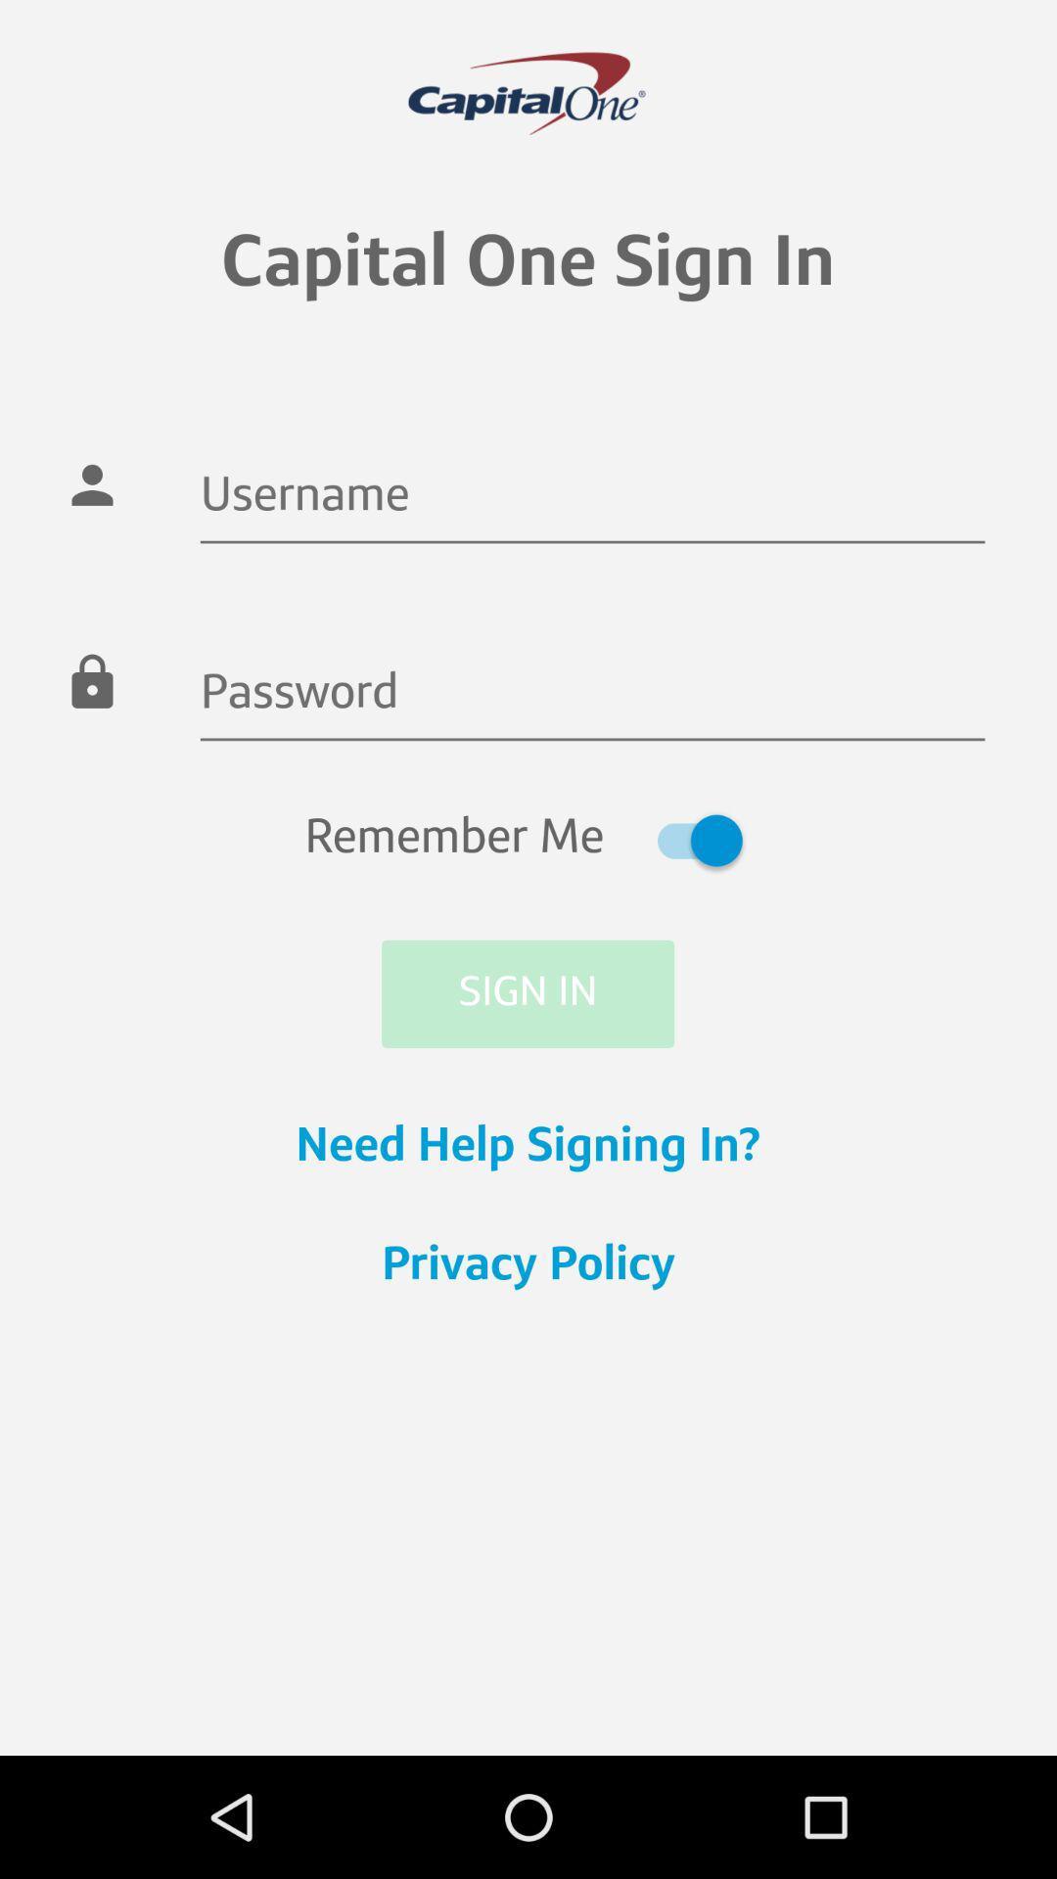 The width and height of the screenshot is (1057, 1879). I want to click on the icon below sign in icon, so click(528, 1148).